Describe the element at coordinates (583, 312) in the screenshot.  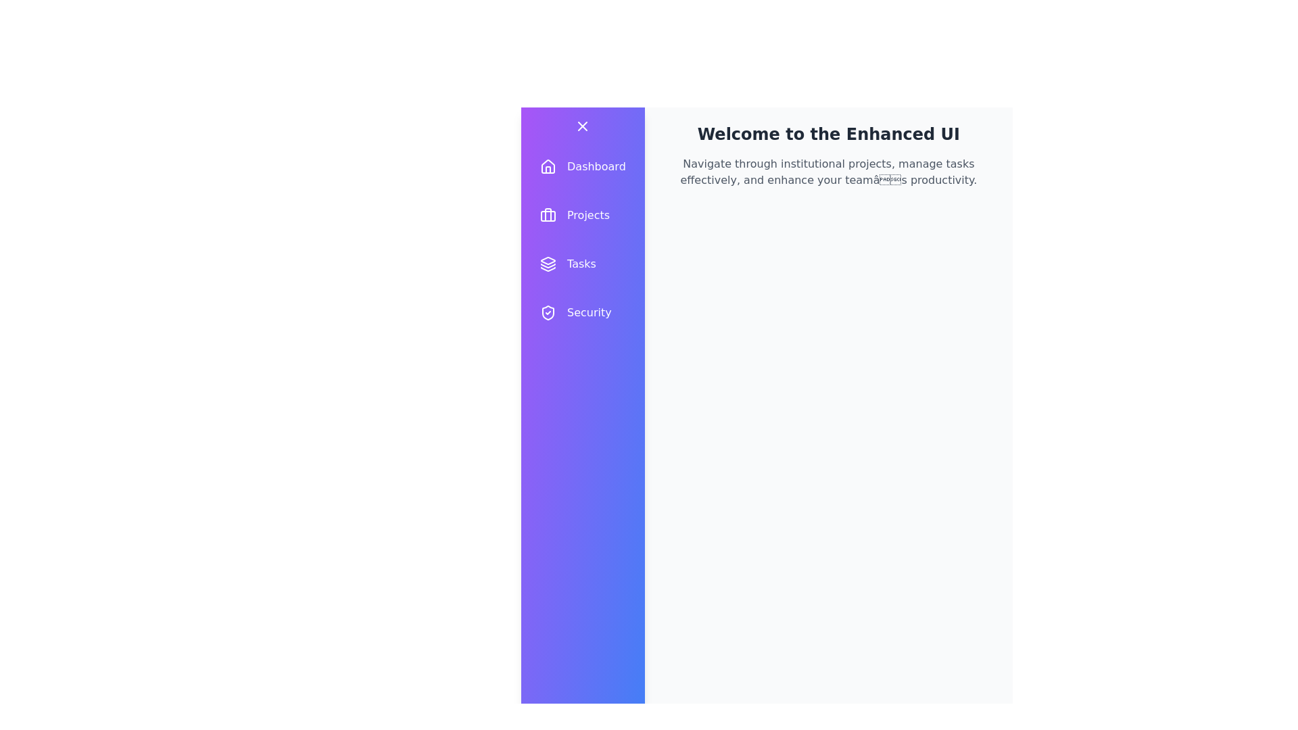
I see `the 'Security' navigation entry, which is the fourth item in the vertical sidebar` at that location.